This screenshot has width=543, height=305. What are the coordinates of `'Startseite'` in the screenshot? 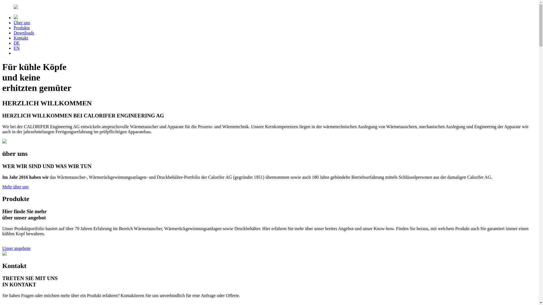 It's located at (269, 7).